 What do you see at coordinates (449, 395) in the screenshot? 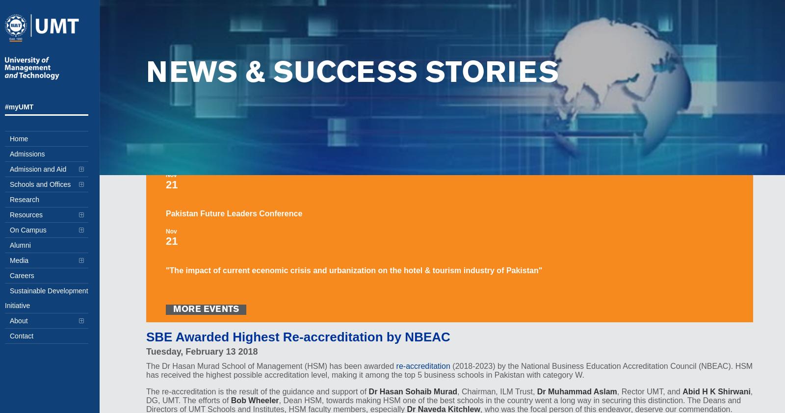
I see `', DG, UMT. The efforts of'` at bounding box center [449, 395].